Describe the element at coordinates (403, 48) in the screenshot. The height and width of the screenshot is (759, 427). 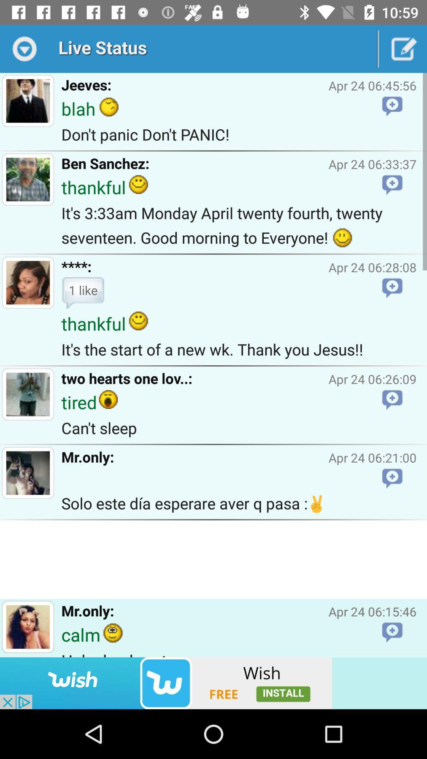
I see `the edit icon` at that location.